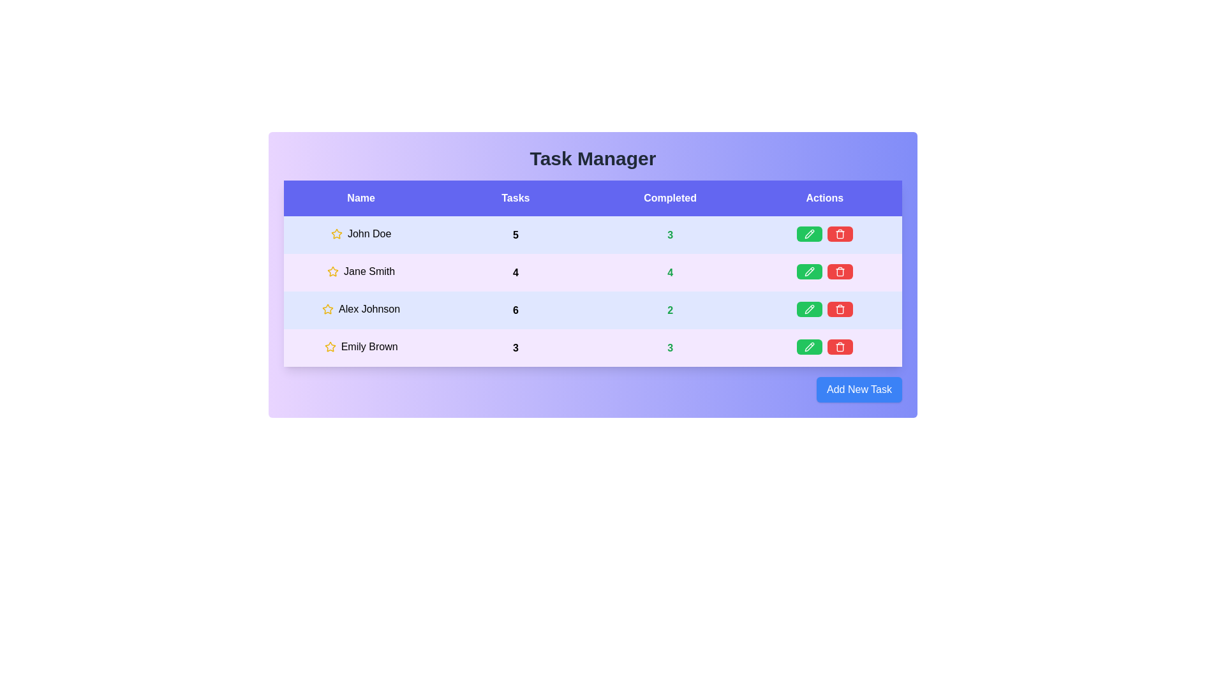 This screenshot has height=689, width=1225. I want to click on the text in the Name column for copying, so click(360, 198).